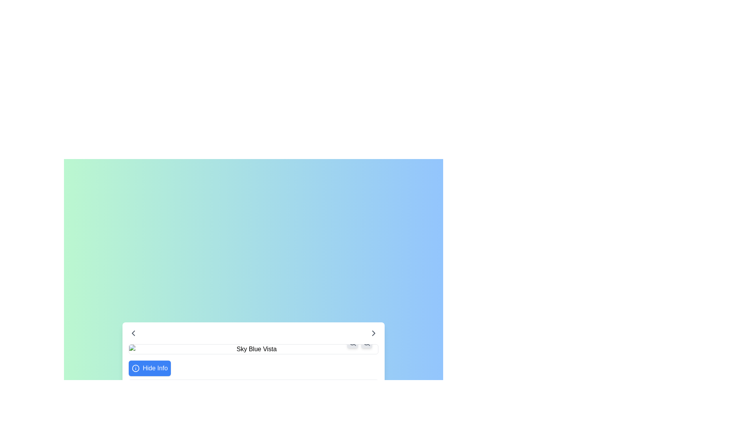 This screenshot has width=749, height=421. What do you see at coordinates (155, 368) in the screenshot?
I see `the text label of the button that informs users about hiding additional information, which is centrally located within the button area and visually represented with white text on a blue background` at bounding box center [155, 368].